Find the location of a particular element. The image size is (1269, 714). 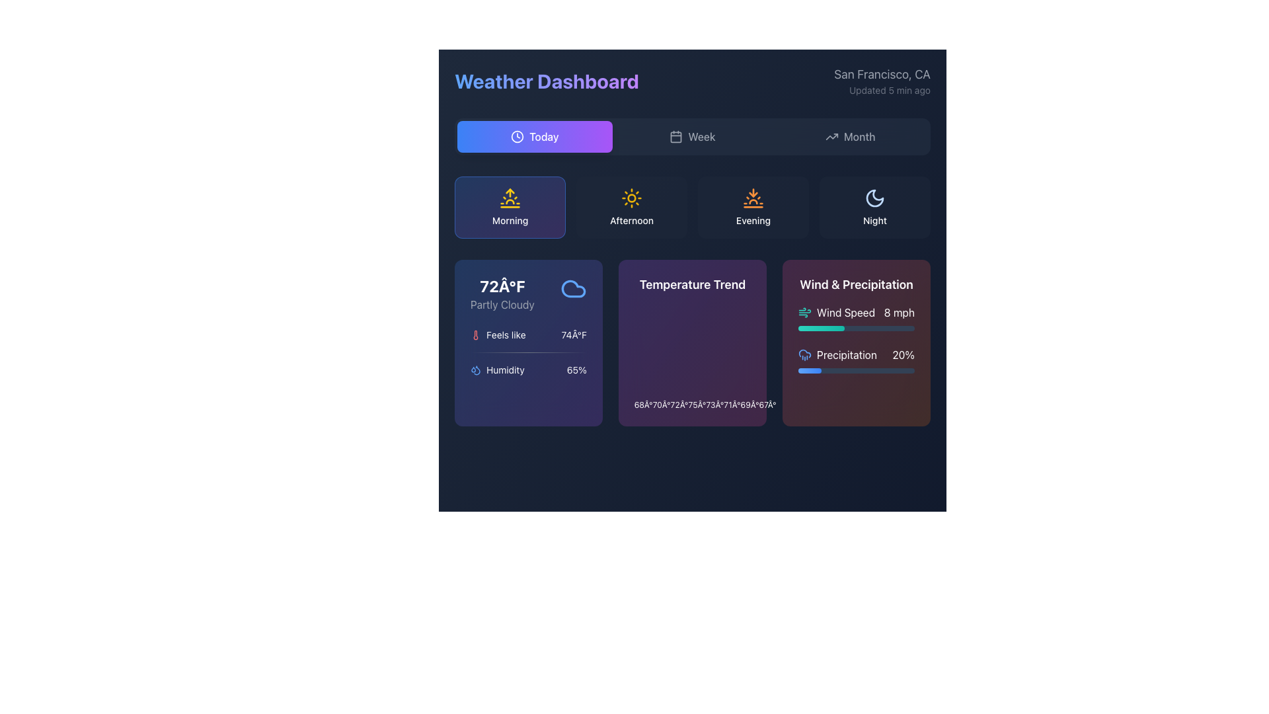

the Interactive Card labeled 'Evening' is located at coordinates (753, 207).